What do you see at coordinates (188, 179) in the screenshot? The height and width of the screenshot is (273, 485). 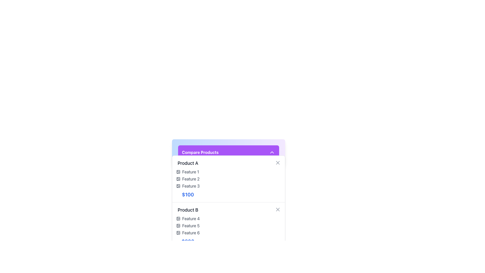 I see `list of labeled features for 'Product A', located directly under the product title and above the price text '$100'` at bounding box center [188, 179].